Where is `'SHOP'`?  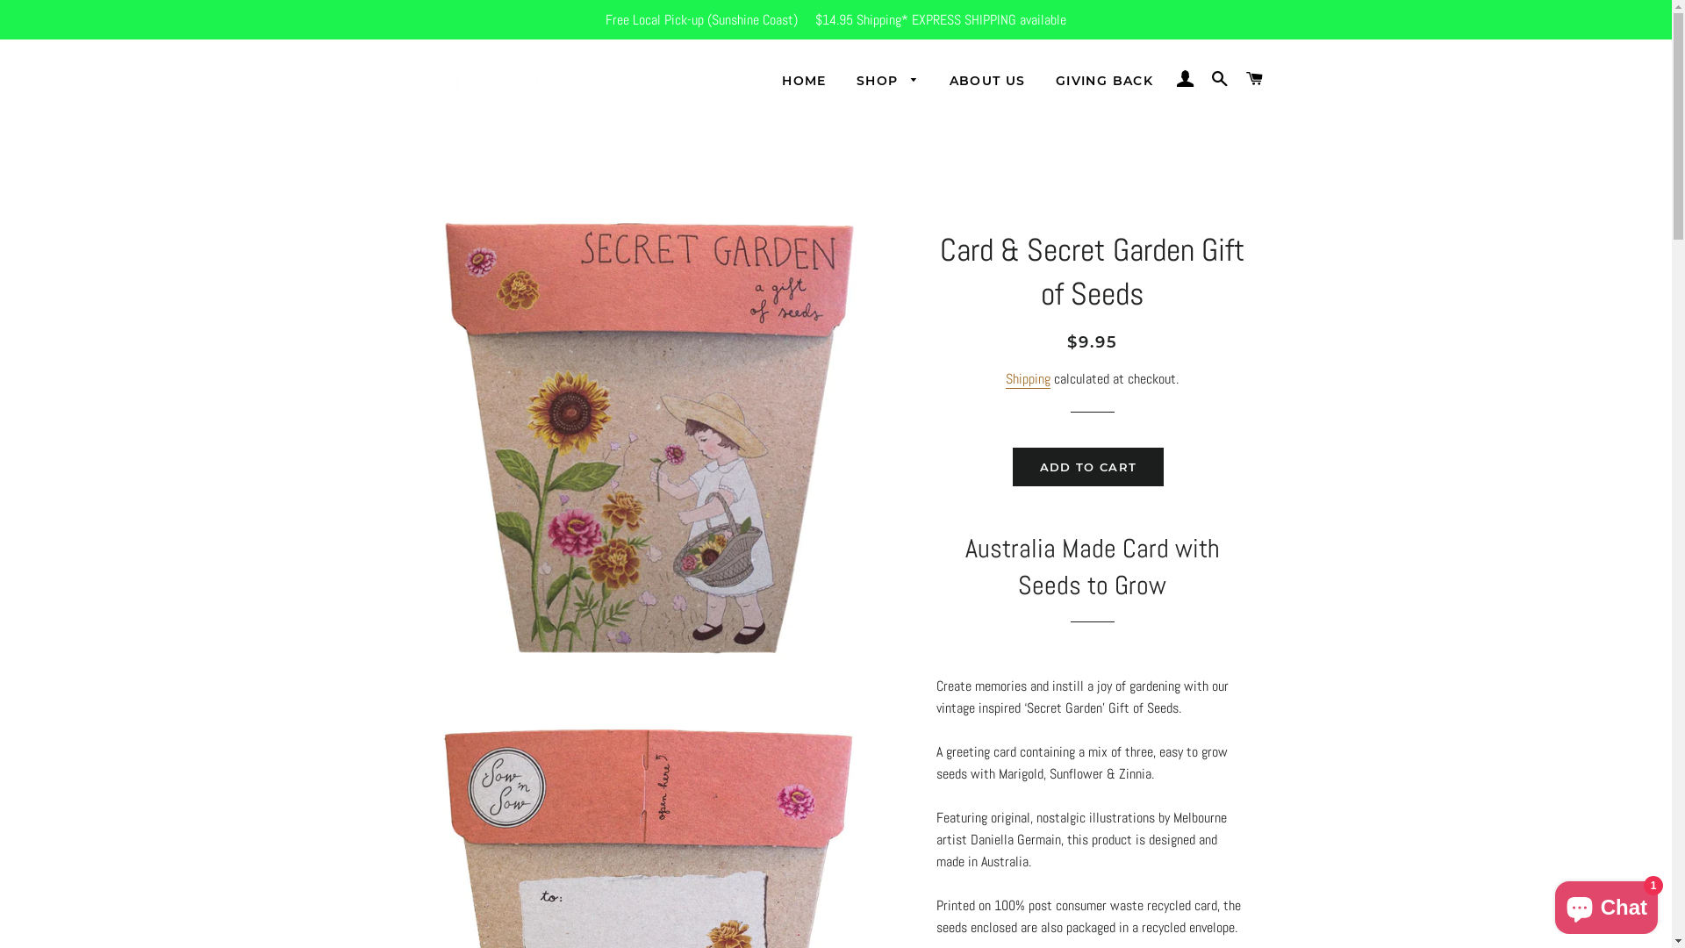
'SHOP' is located at coordinates (842, 81).